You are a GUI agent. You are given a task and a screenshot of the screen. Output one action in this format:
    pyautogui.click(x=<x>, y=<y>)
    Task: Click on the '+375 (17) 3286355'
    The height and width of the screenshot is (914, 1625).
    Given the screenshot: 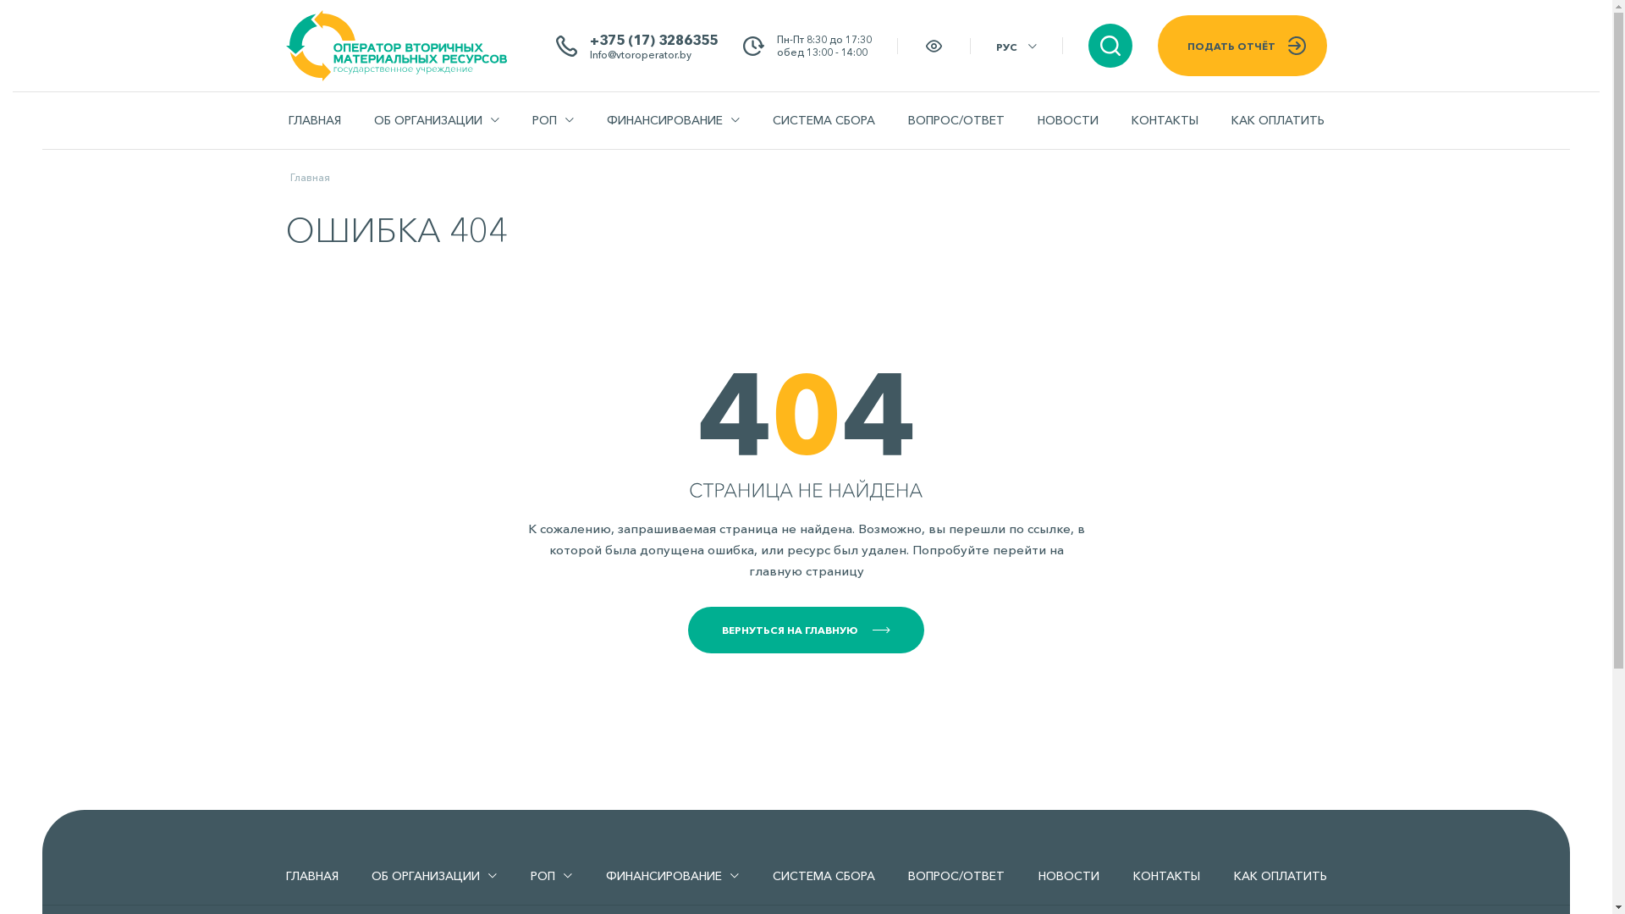 What is the action you would take?
    pyautogui.click(x=589, y=38)
    